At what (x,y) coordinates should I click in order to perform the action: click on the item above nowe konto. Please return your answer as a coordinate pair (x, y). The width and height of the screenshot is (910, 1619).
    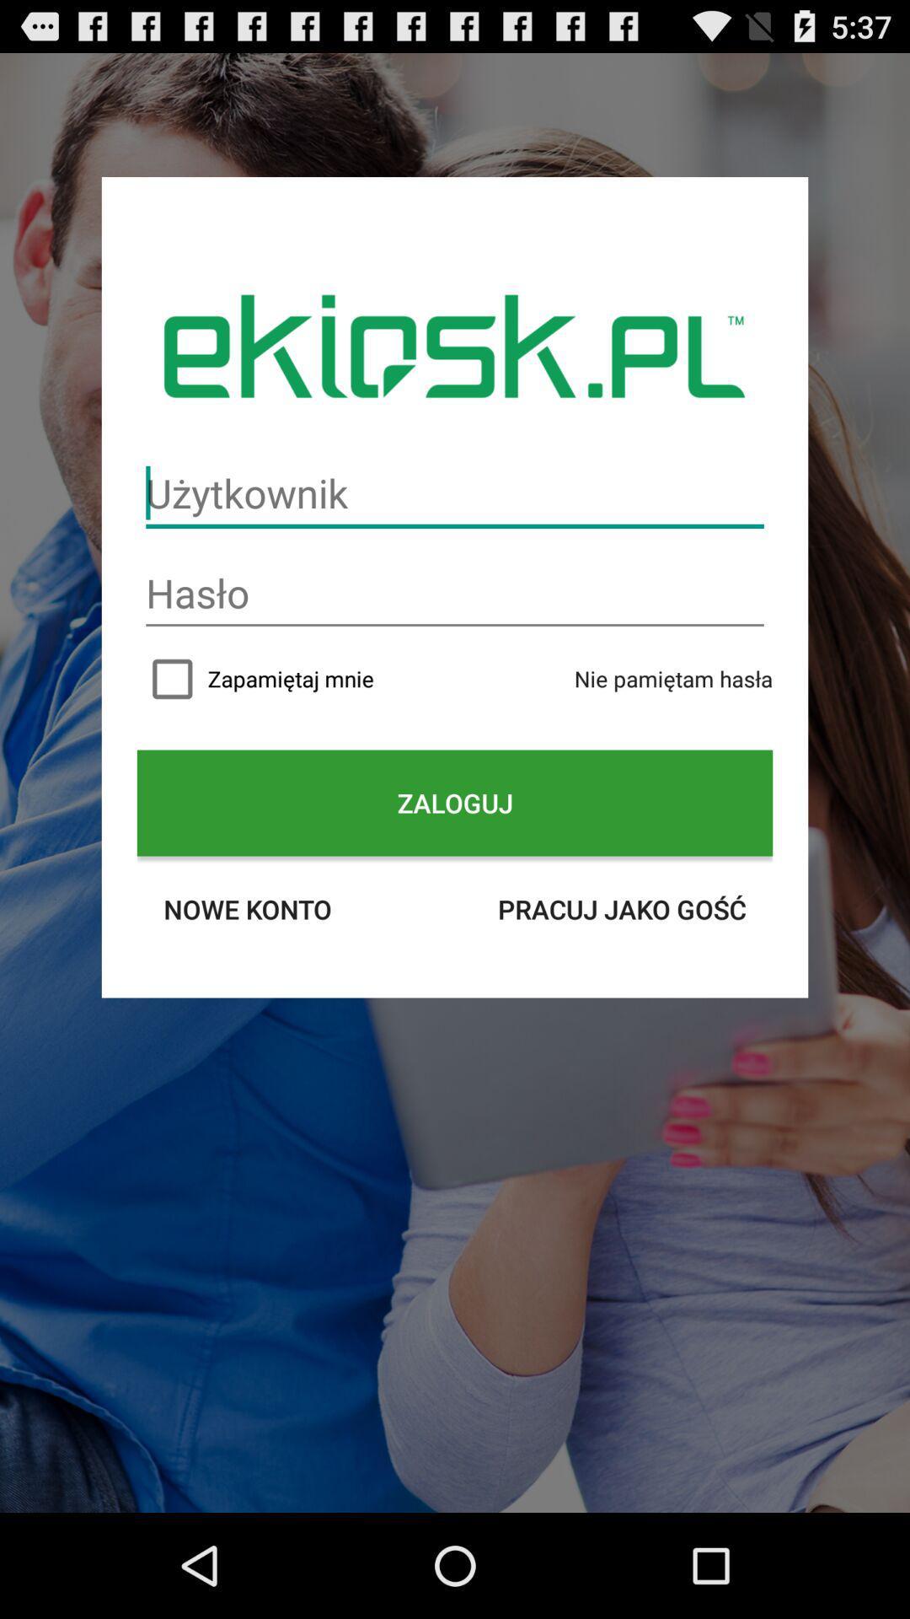
    Looking at the image, I should click on (455, 802).